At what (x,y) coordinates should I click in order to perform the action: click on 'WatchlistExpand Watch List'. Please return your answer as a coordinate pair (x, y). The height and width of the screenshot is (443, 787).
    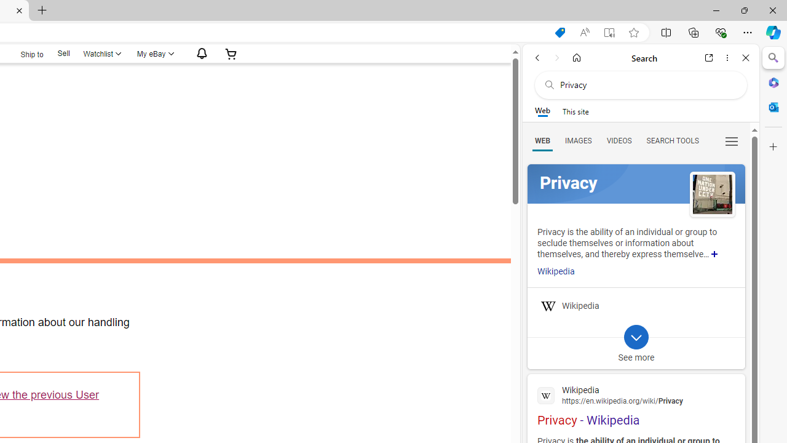
    Looking at the image, I should click on (101, 53).